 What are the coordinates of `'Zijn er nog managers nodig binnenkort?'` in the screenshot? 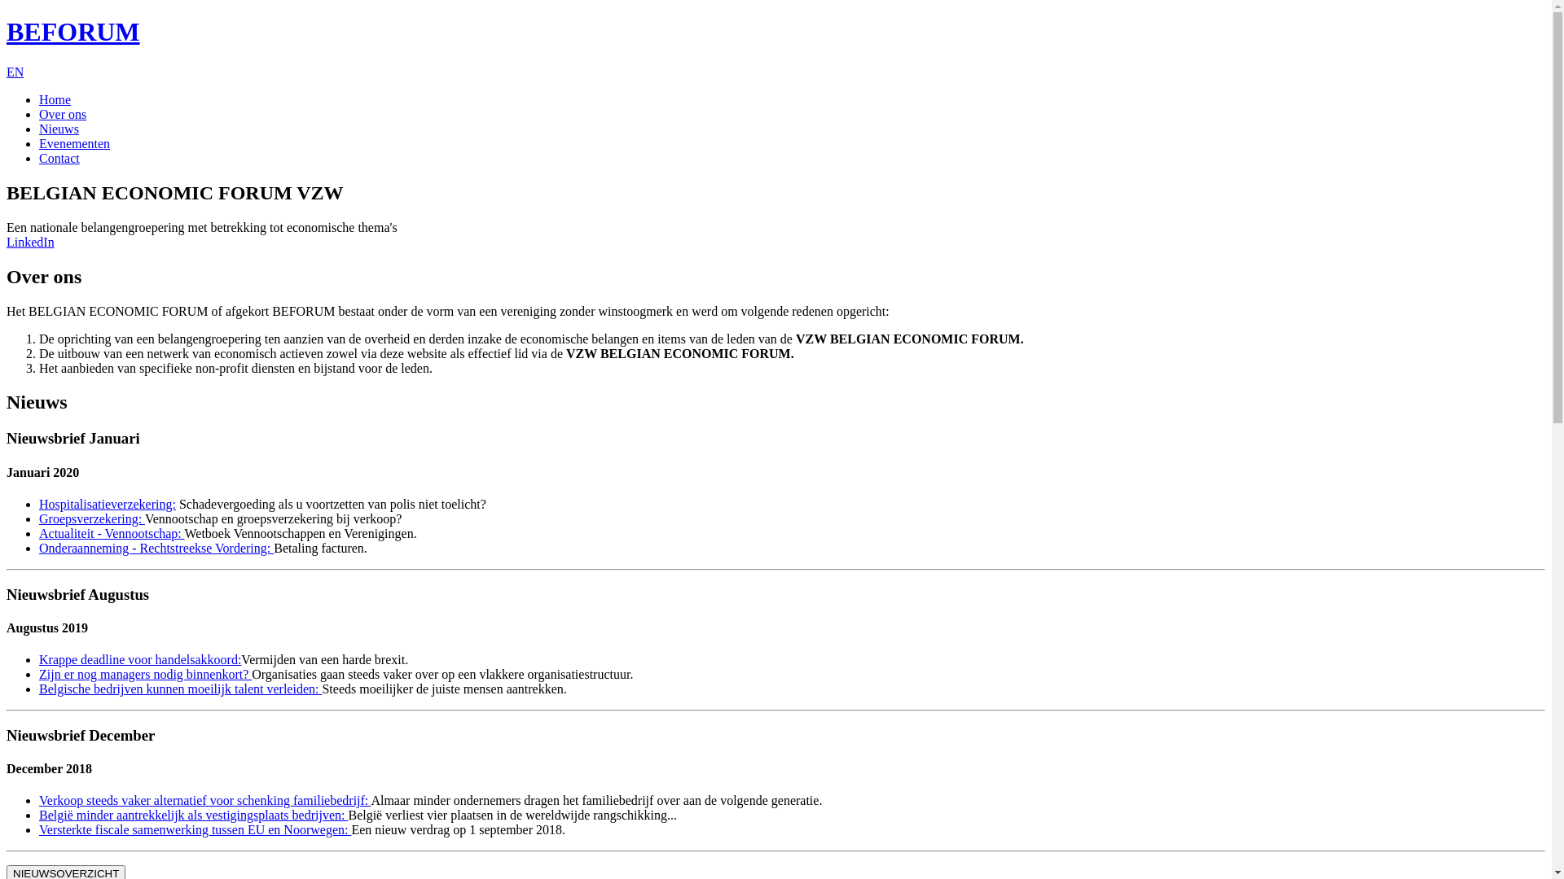 It's located at (145, 674).